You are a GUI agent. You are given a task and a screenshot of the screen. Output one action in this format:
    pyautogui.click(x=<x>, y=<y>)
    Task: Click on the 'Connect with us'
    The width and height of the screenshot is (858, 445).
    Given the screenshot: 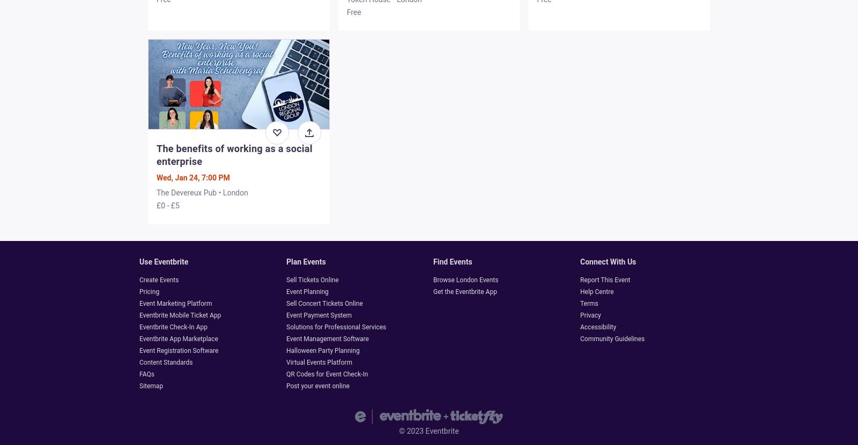 What is the action you would take?
    pyautogui.click(x=608, y=261)
    